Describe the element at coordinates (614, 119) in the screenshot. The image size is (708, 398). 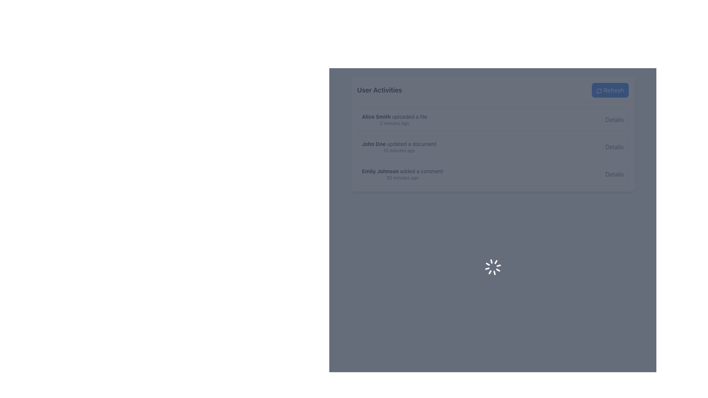
I see `the clickable text link located on the right side of the notification entry for 'Alice Smith uploaded a file 2 minutes ago' in the 'User Activities' section` at that location.